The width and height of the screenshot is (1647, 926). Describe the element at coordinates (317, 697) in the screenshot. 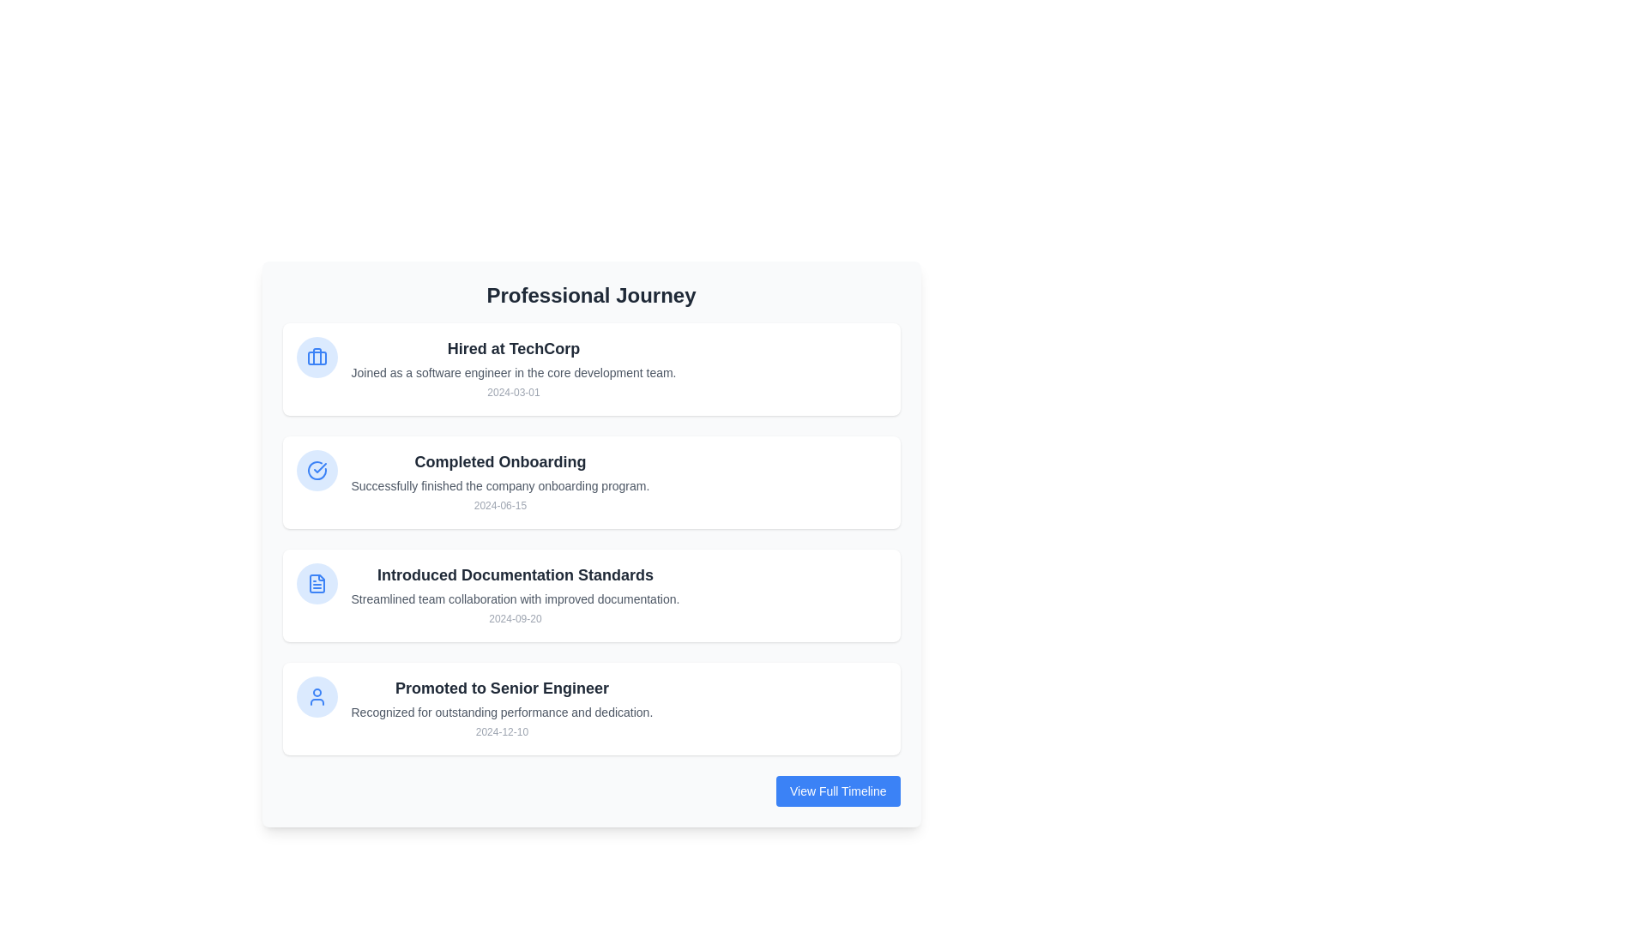

I see `the graphical icon located at the top-left corner of the promotion card for Senior Engineer, which enhances the card's visual appeal` at that location.